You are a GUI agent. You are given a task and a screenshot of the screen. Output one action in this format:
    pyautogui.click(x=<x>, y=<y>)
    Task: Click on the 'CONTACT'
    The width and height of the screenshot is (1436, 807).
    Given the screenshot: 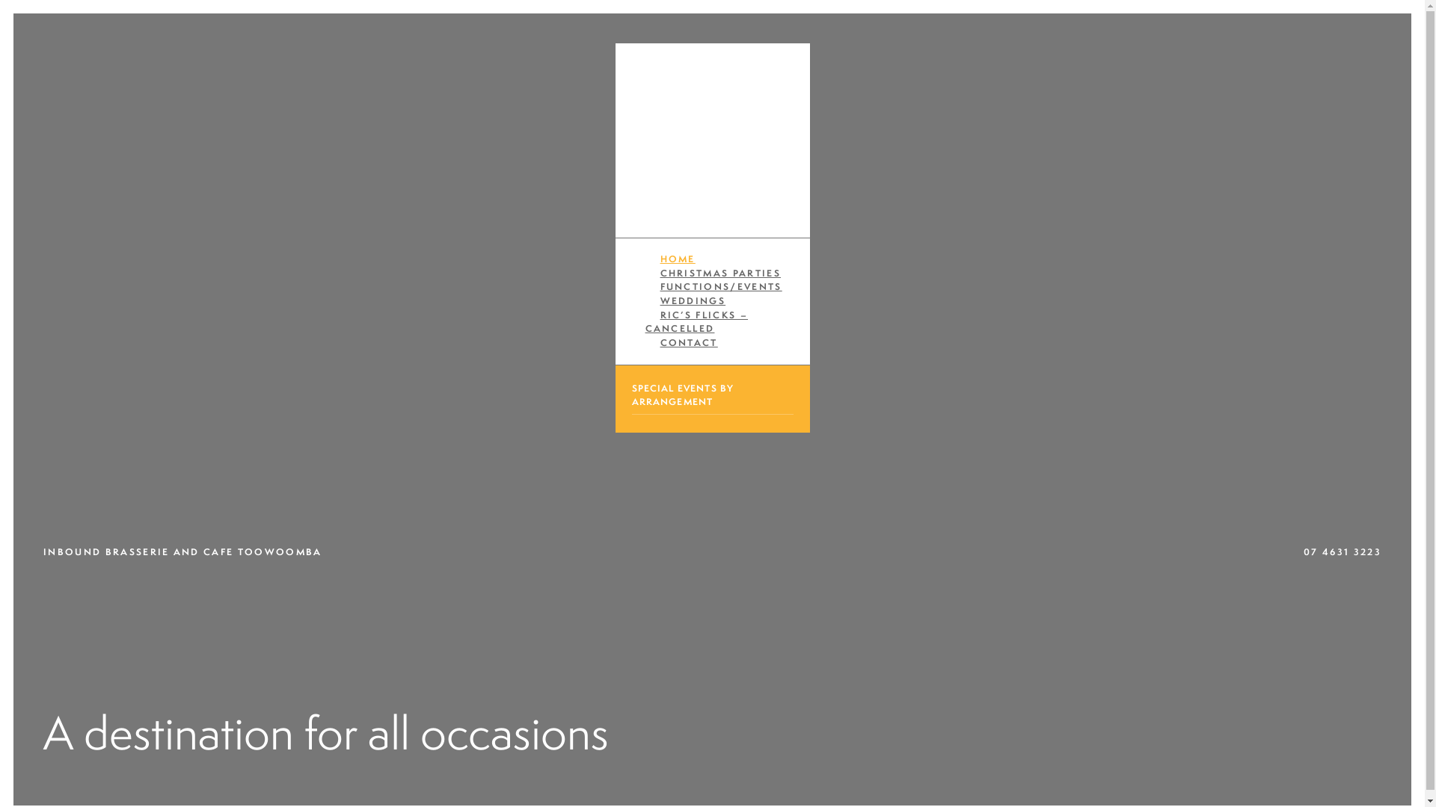 What is the action you would take?
    pyautogui.click(x=687, y=342)
    